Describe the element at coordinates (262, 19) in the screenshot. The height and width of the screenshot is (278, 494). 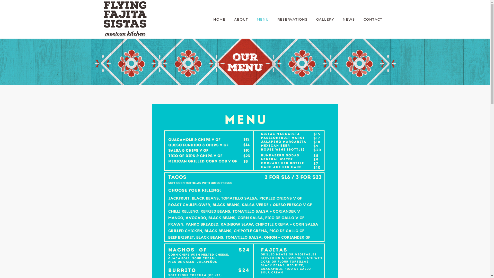
I see `'MENU'` at that location.